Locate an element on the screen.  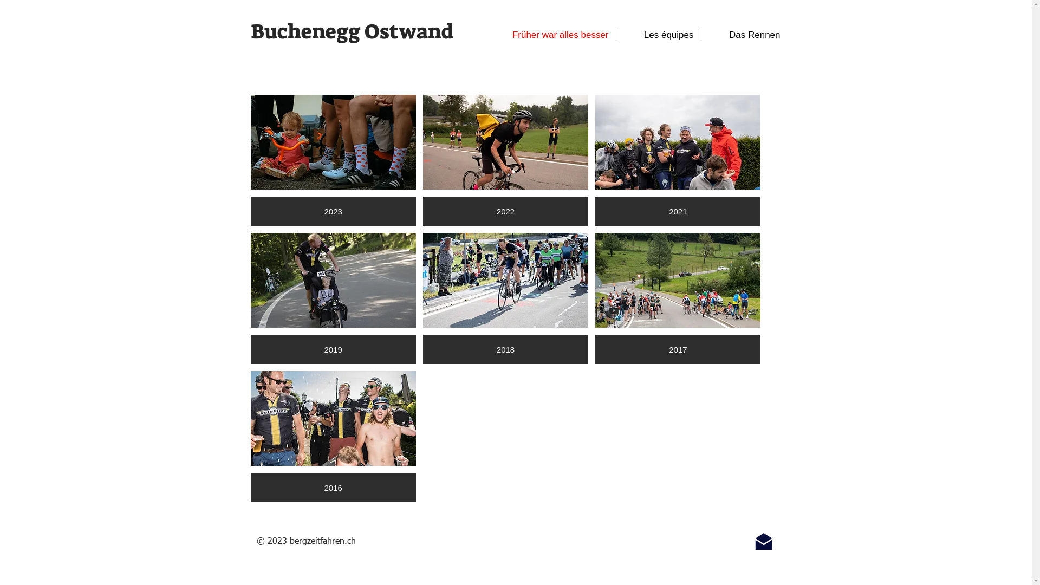
'Das Rennen' is located at coordinates (743, 35).